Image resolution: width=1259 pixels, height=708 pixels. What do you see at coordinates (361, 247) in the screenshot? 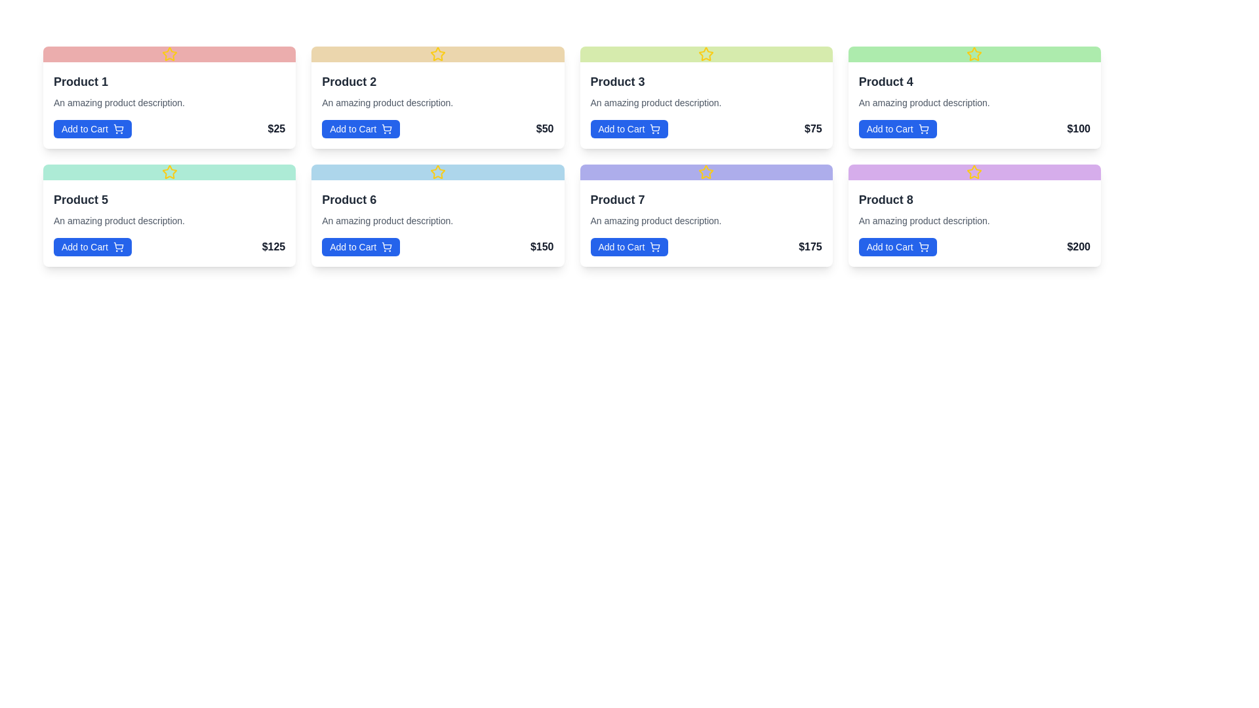
I see `the 'Add to Cart' button with a blue background and white text located in the bottom left region of the 'Product 6' card` at bounding box center [361, 247].